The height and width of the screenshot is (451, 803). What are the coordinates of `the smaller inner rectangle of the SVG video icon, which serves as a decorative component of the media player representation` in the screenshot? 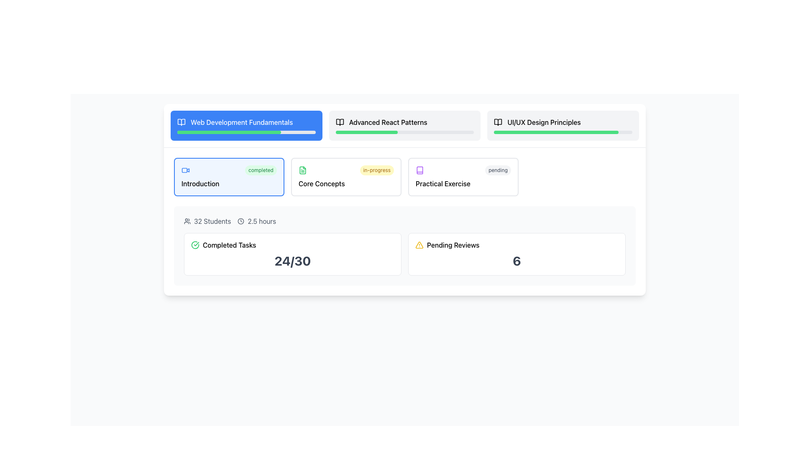 It's located at (184, 170).